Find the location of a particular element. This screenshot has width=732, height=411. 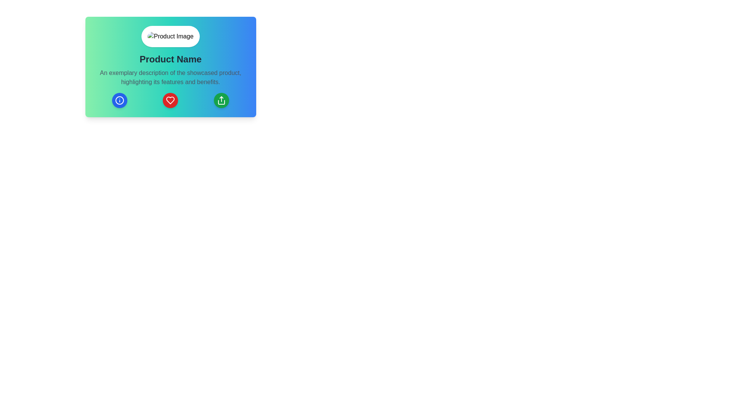

the interactive buttons in the horizontal button panel located at the bottom center of the card is located at coordinates (170, 100).